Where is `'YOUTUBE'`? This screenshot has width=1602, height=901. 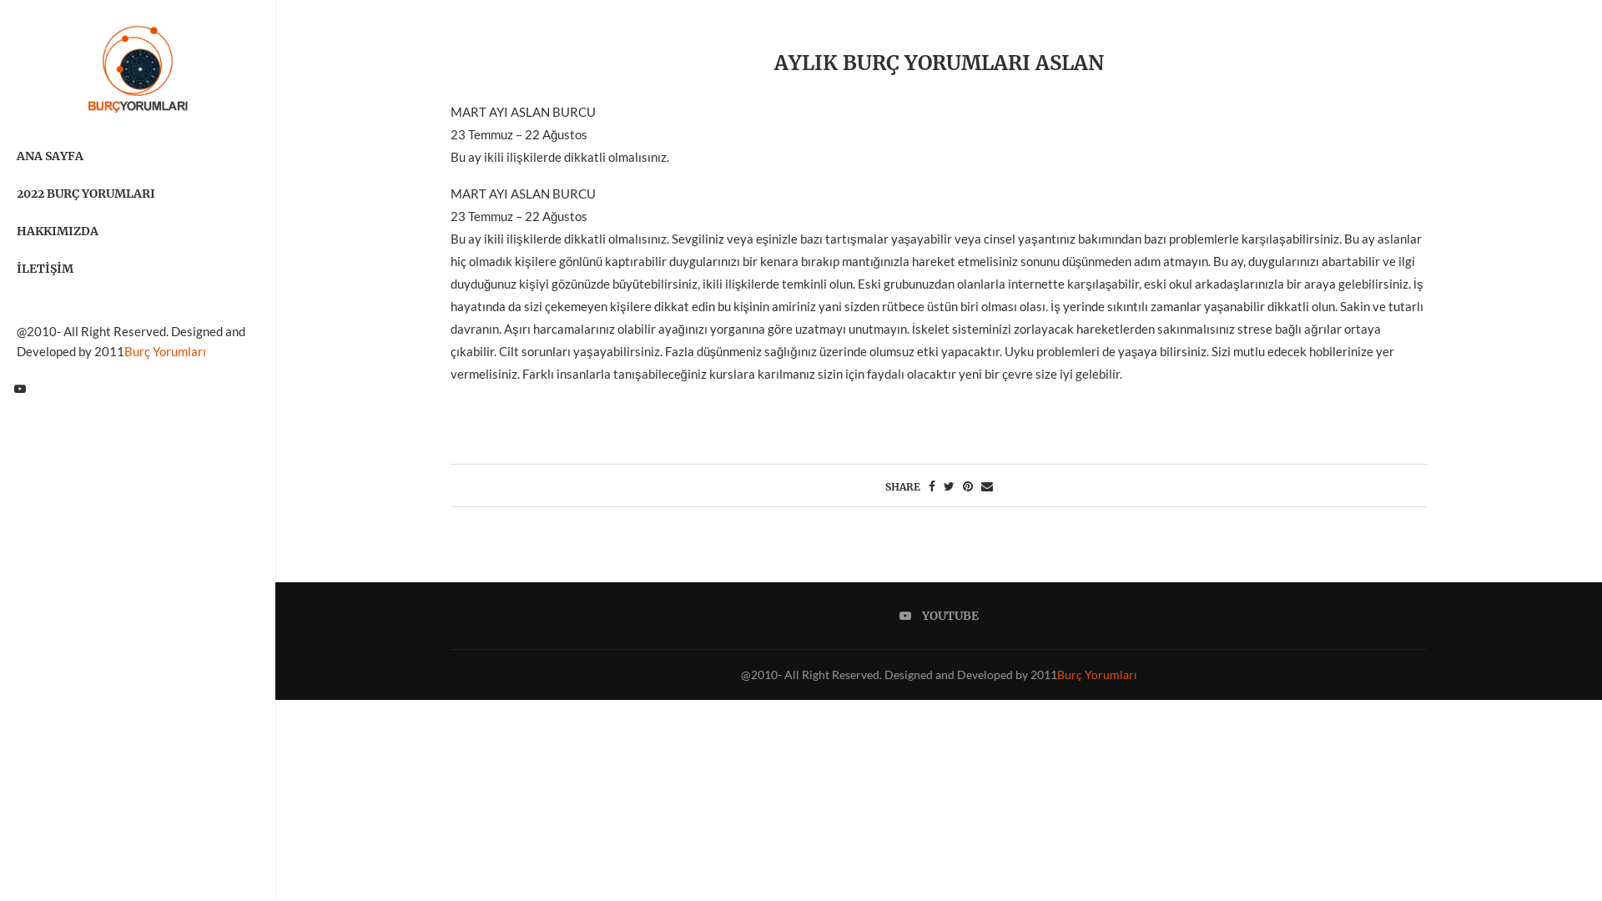 'YOUTUBE' is located at coordinates (939, 615).